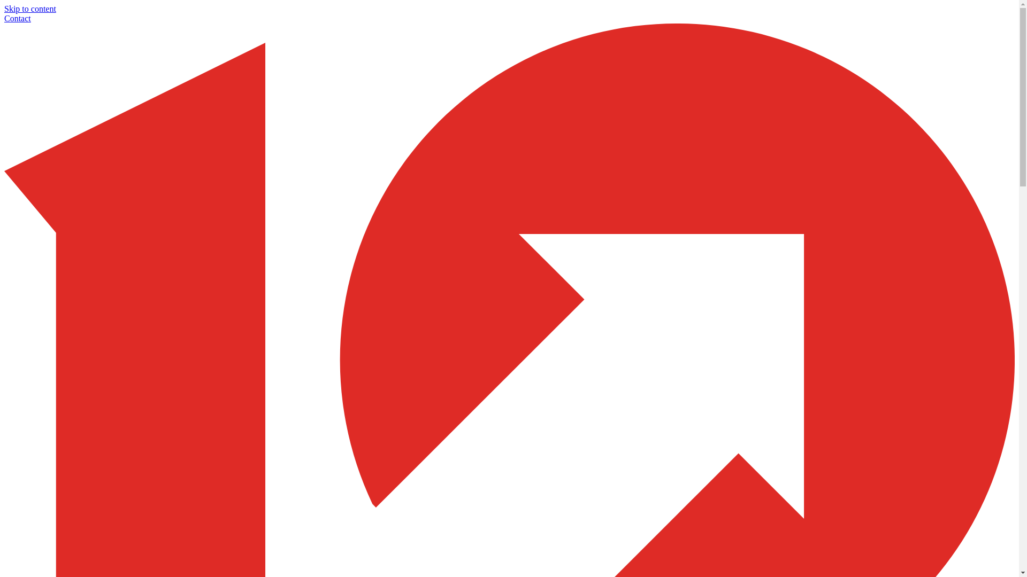 The height and width of the screenshot is (577, 1027). What do you see at coordinates (30, 9) in the screenshot?
I see `'Skip to content'` at bounding box center [30, 9].